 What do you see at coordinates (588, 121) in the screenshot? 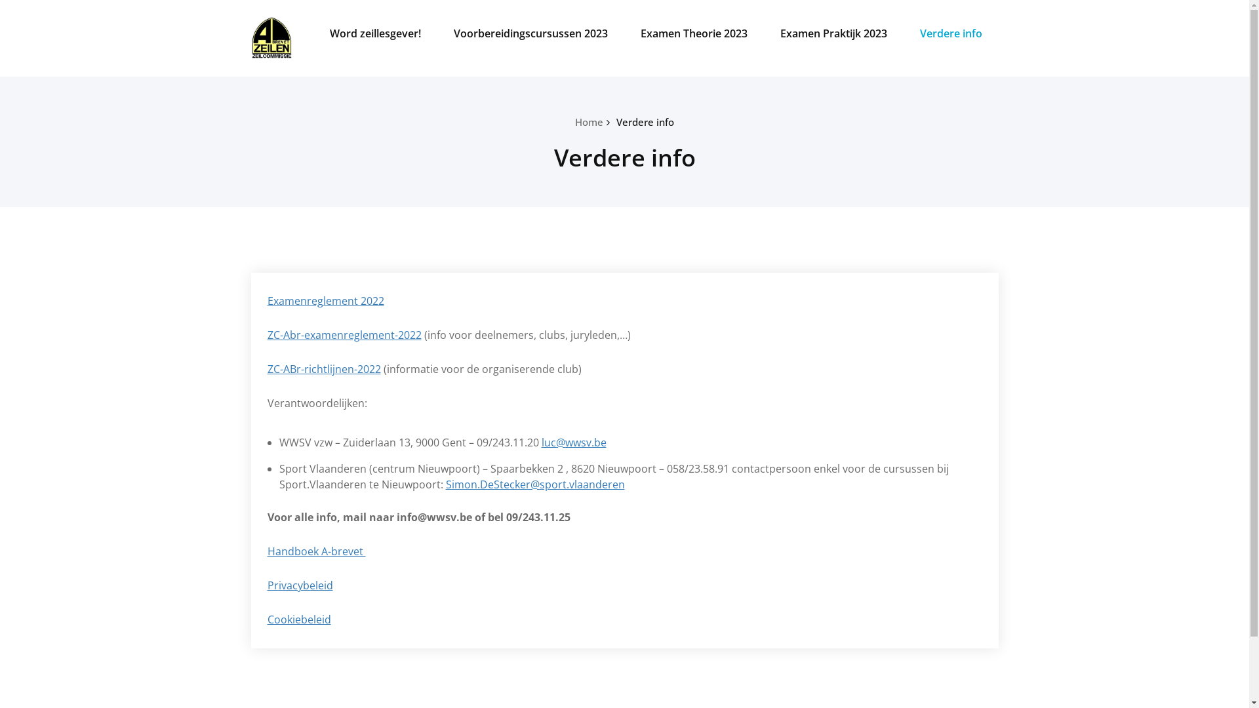
I see `'Home'` at bounding box center [588, 121].